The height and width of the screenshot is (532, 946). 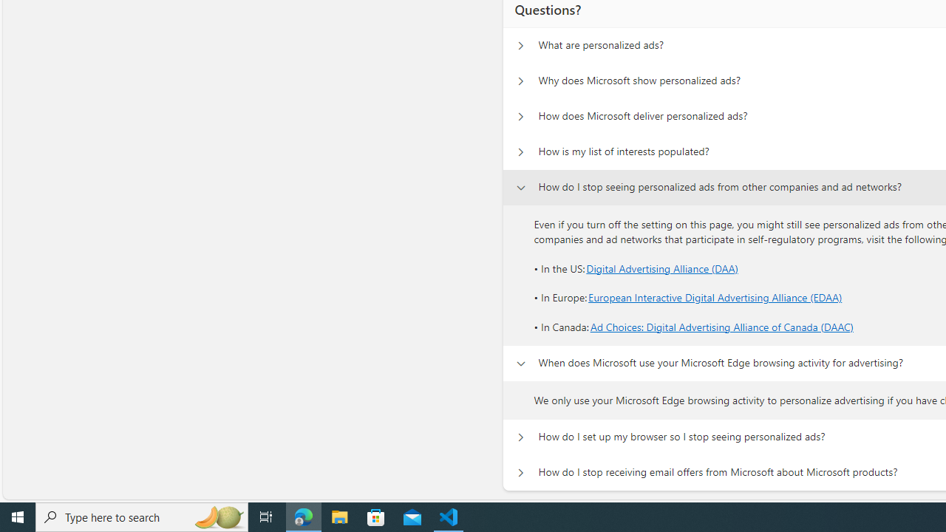 What do you see at coordinates (520, 45) in the screenshot?
I see `'Questions? What are personalized ads?'` at bounding box center [520, 45].